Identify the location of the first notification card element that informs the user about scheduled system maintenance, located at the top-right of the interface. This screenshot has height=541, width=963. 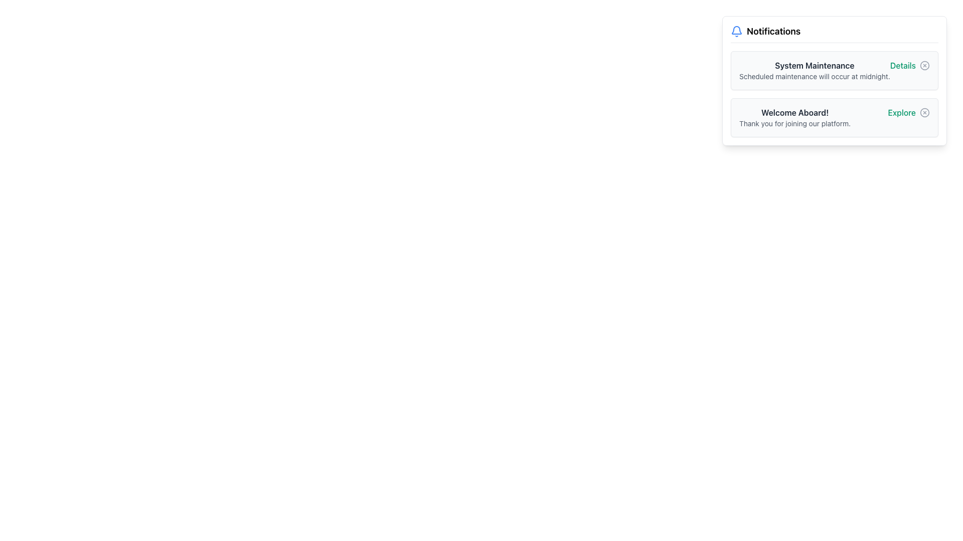
(835, 80).